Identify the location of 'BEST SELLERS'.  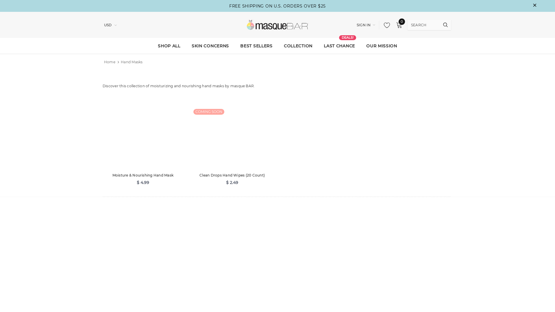
(240, 45).